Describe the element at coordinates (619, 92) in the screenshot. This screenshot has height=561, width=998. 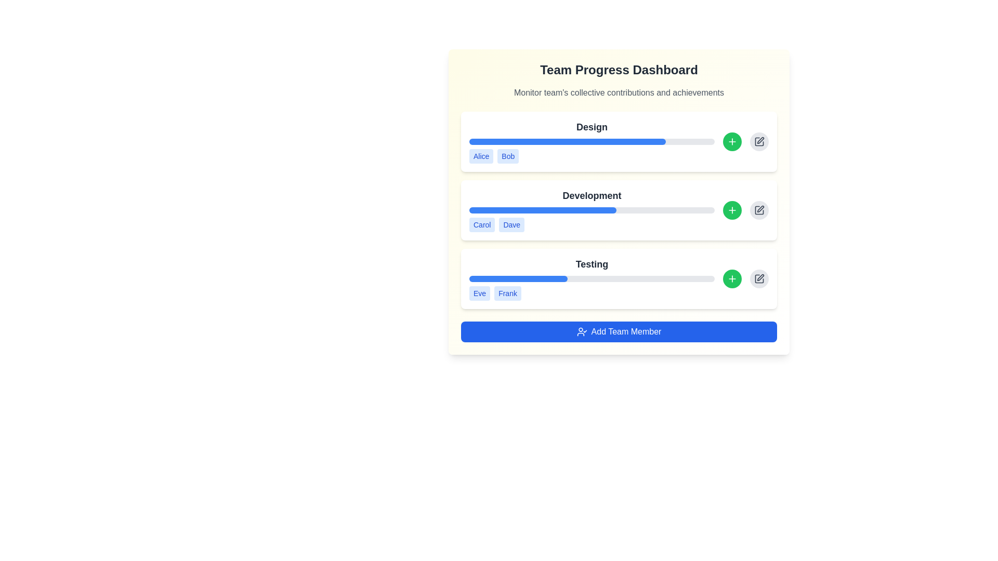
I see `the text element that describes 'Monitor team's collective contributions and achievements', which is styled in subtle gray color and located below the 'Team Progress Dashboard' title` at that location.